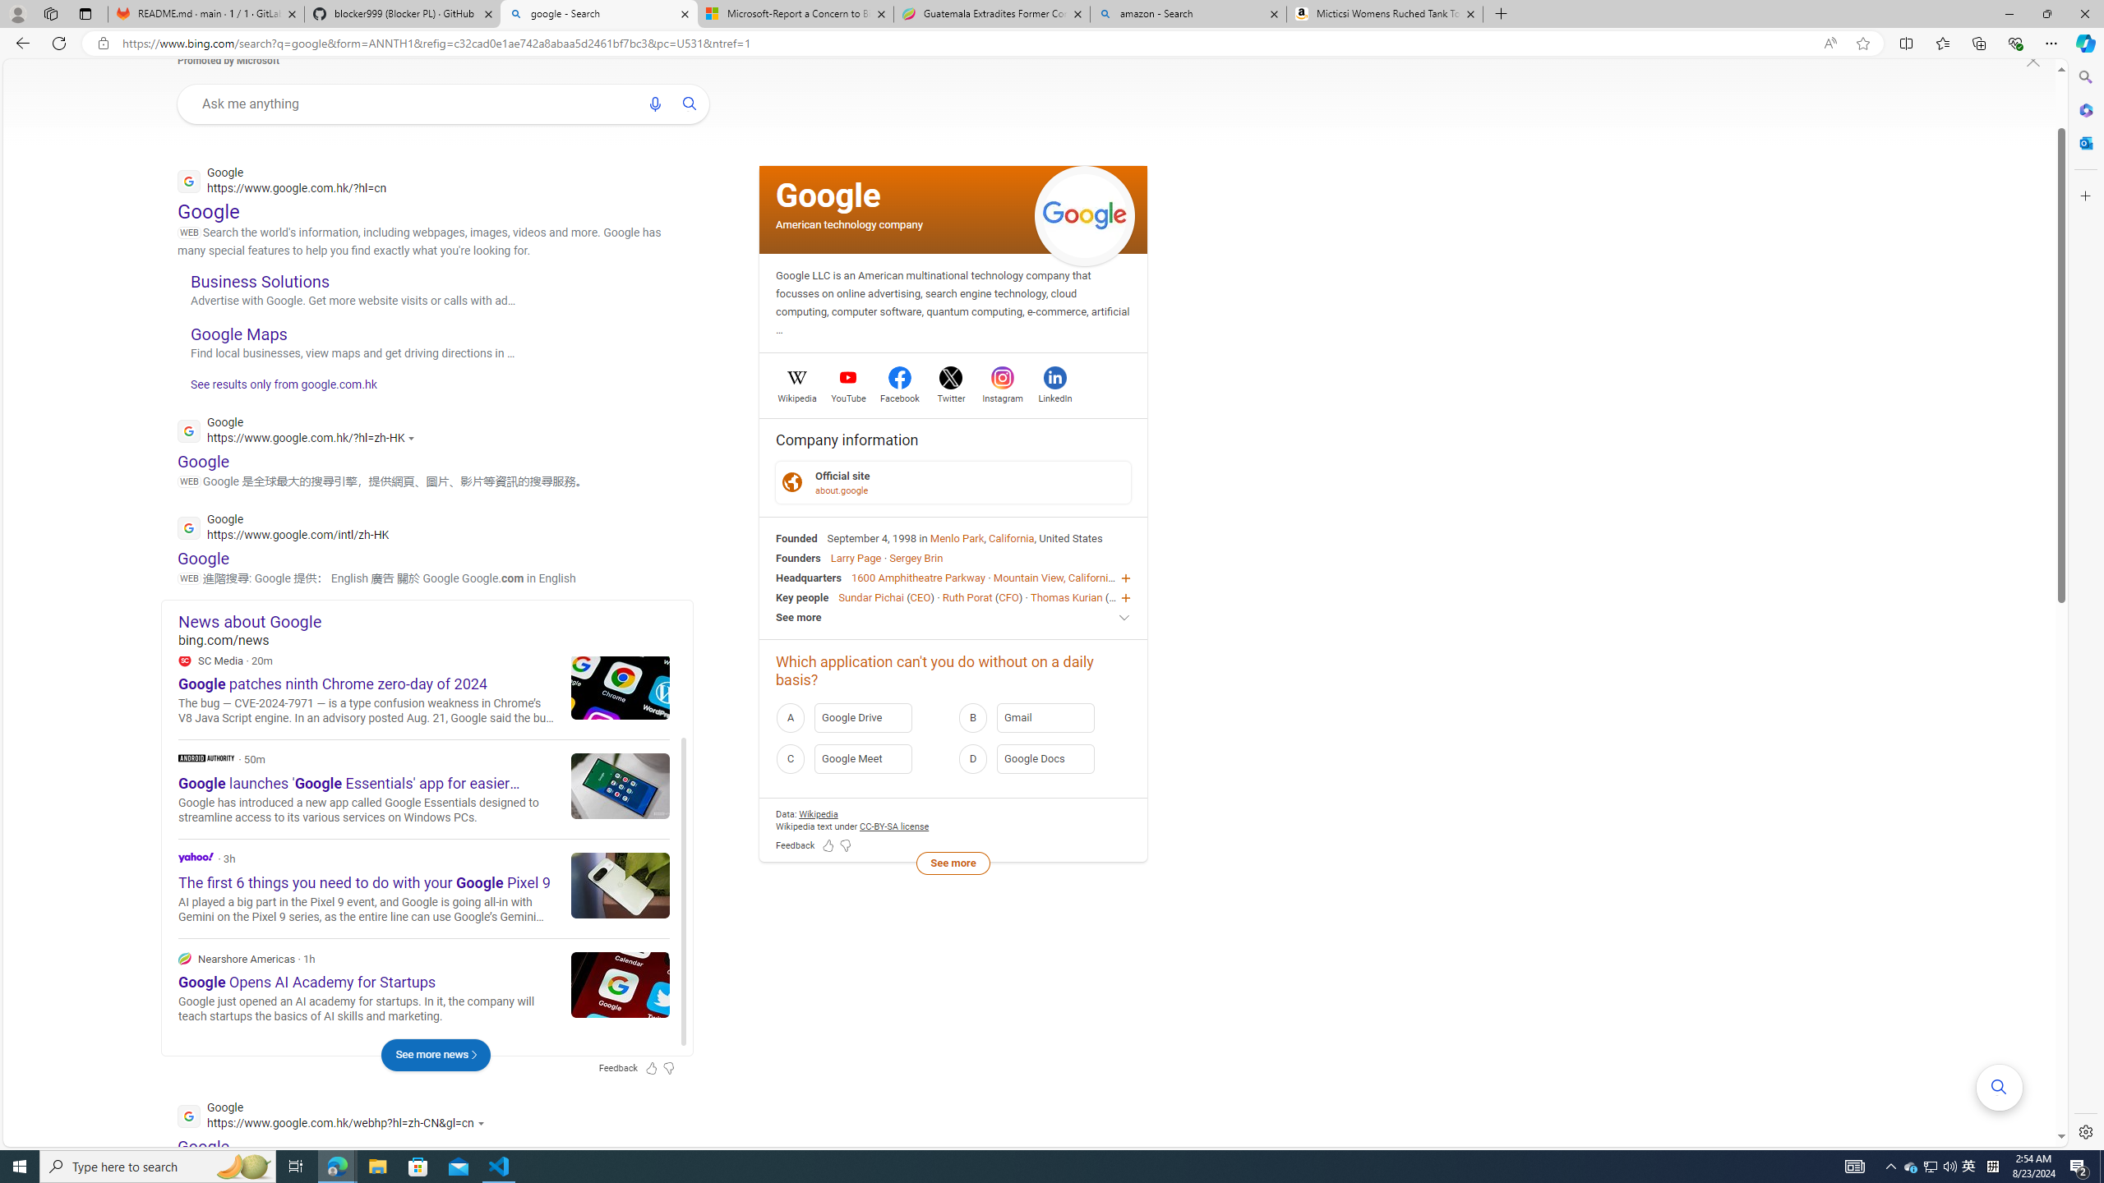  Describe the element at coordinates (845, 846) in the screenshot. I see `'Feedback Dislike'` at that location.